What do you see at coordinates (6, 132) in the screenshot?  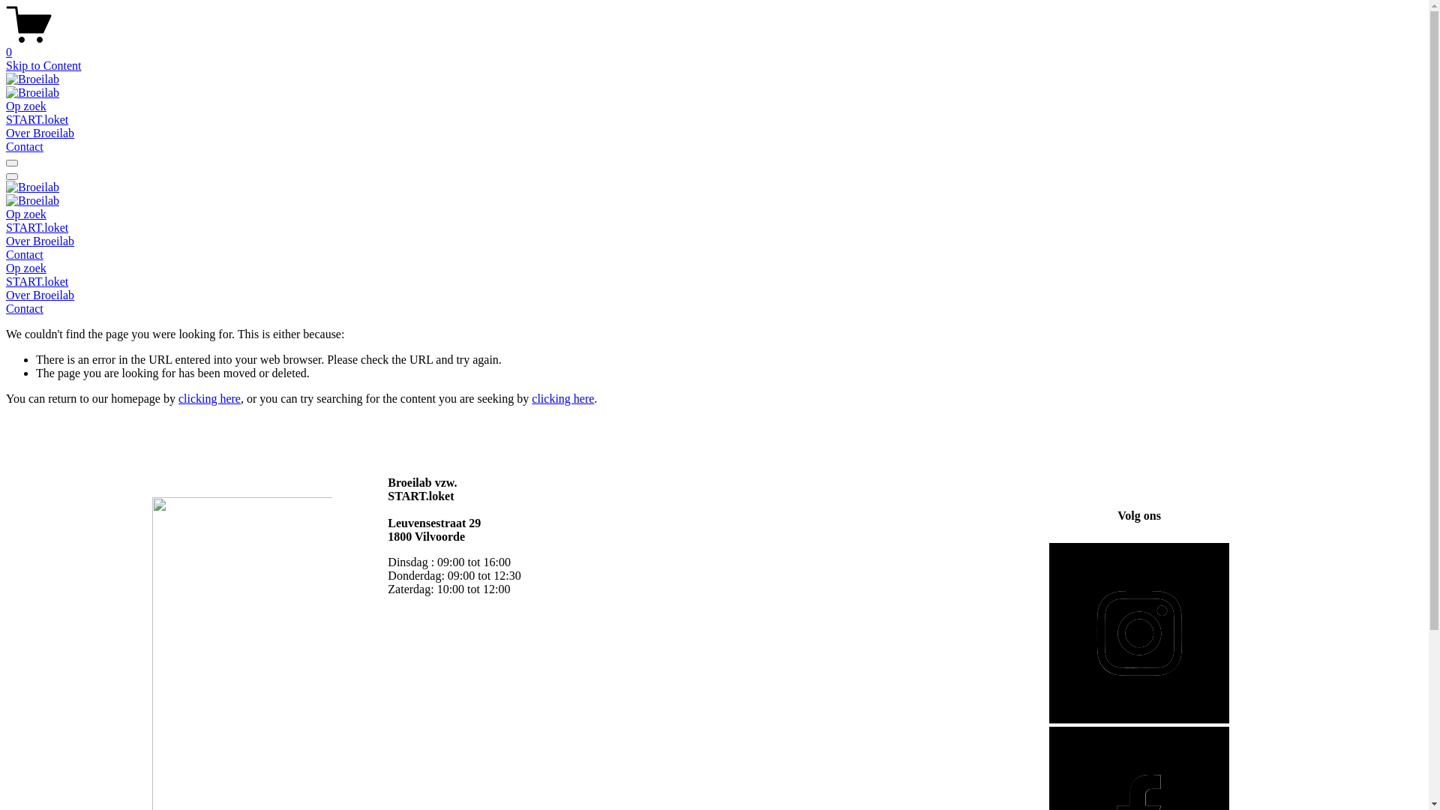 I see `'Over Broeilab'` at bounding box center [6, 132].